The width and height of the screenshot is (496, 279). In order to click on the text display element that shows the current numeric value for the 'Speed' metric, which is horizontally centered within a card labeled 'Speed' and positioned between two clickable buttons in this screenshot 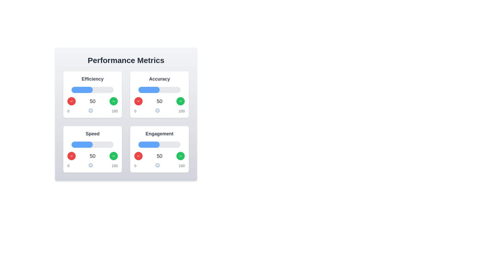, I will do `click(92, 156)`.